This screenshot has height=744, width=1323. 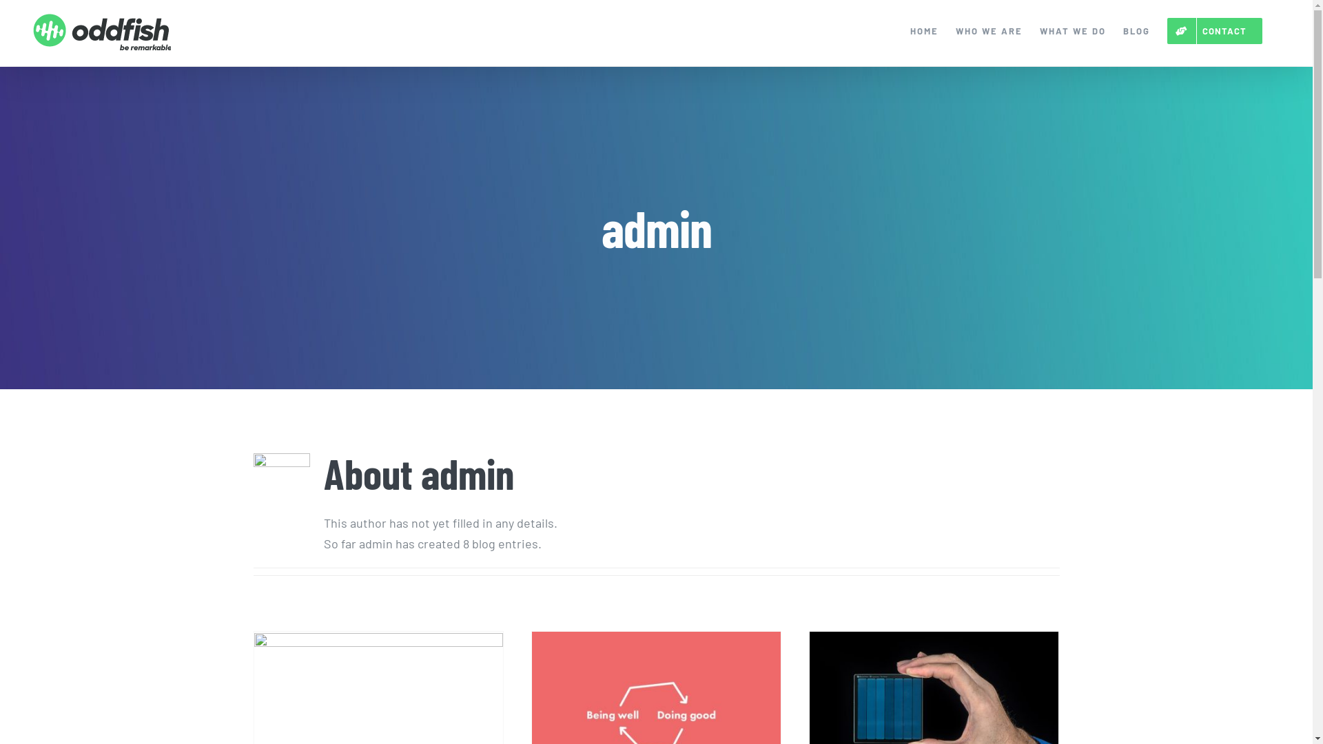 What do you see at coordinates (924, 31) in the screenshot?
I see `'HOME'` at bounding box center [924, 31].